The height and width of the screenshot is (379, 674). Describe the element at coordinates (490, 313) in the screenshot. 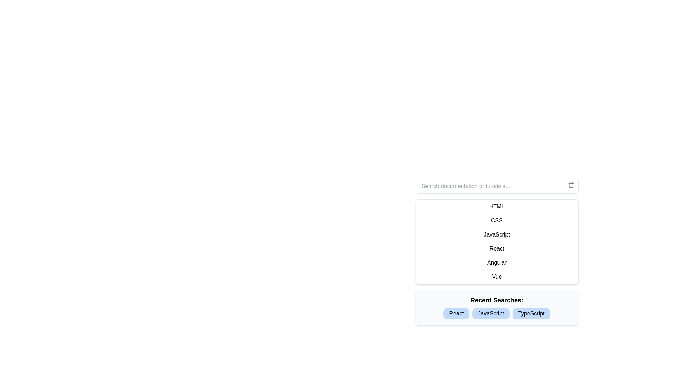

I see `the button representing 'JavaScript' located in the 'Recent Searches' section, positioned between the 'React' and 'TypeScript' buttons` at that location.